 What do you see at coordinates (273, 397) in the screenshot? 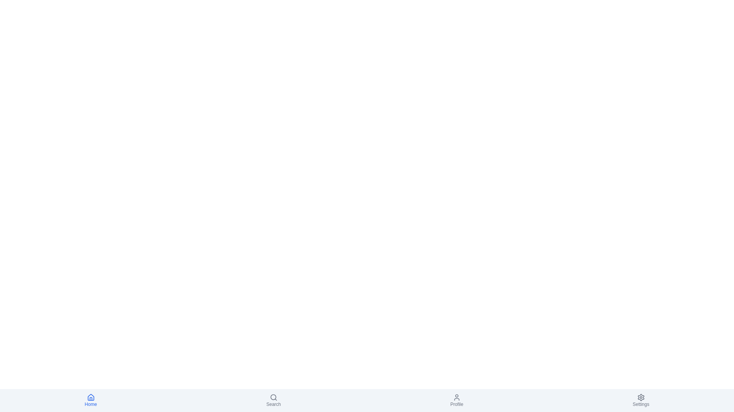
I see `the central circular part of the magnifying glass icon representing search functionality located in the bottom navigation bar` at bounding box center [273, 397].